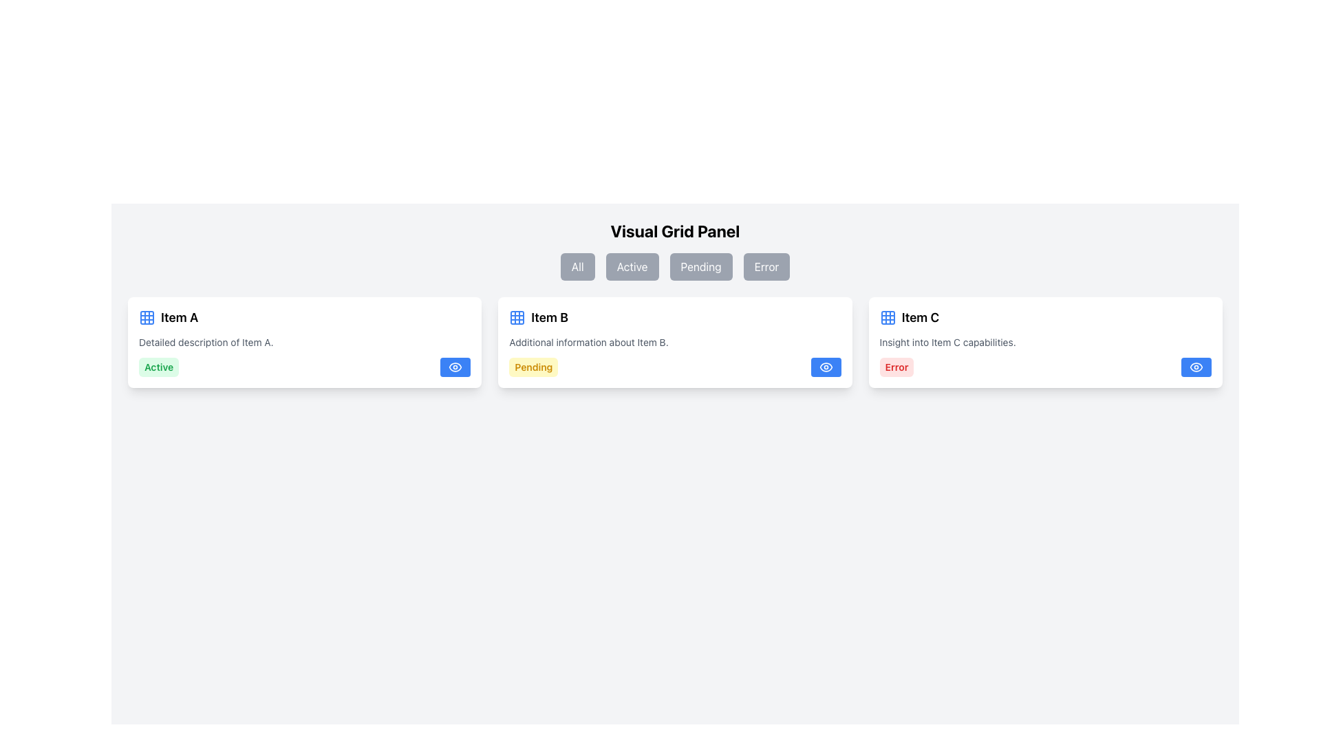 The height and width of the screenshot is (743, 1321). What do you see at coordinates (920, 318) in the screenshot?
I see `the Text Label element, which is the third item in a horizontally arranged layout, positioned to the right of 'Item A' and 'Item B'` at bounding box center [920, 318].